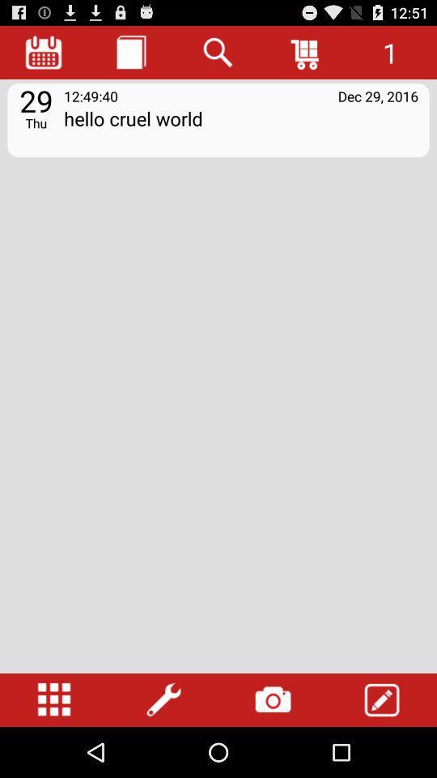  Describe the element at coordinates (44, 52) in the screenshot. I see `open calendar` at that location.